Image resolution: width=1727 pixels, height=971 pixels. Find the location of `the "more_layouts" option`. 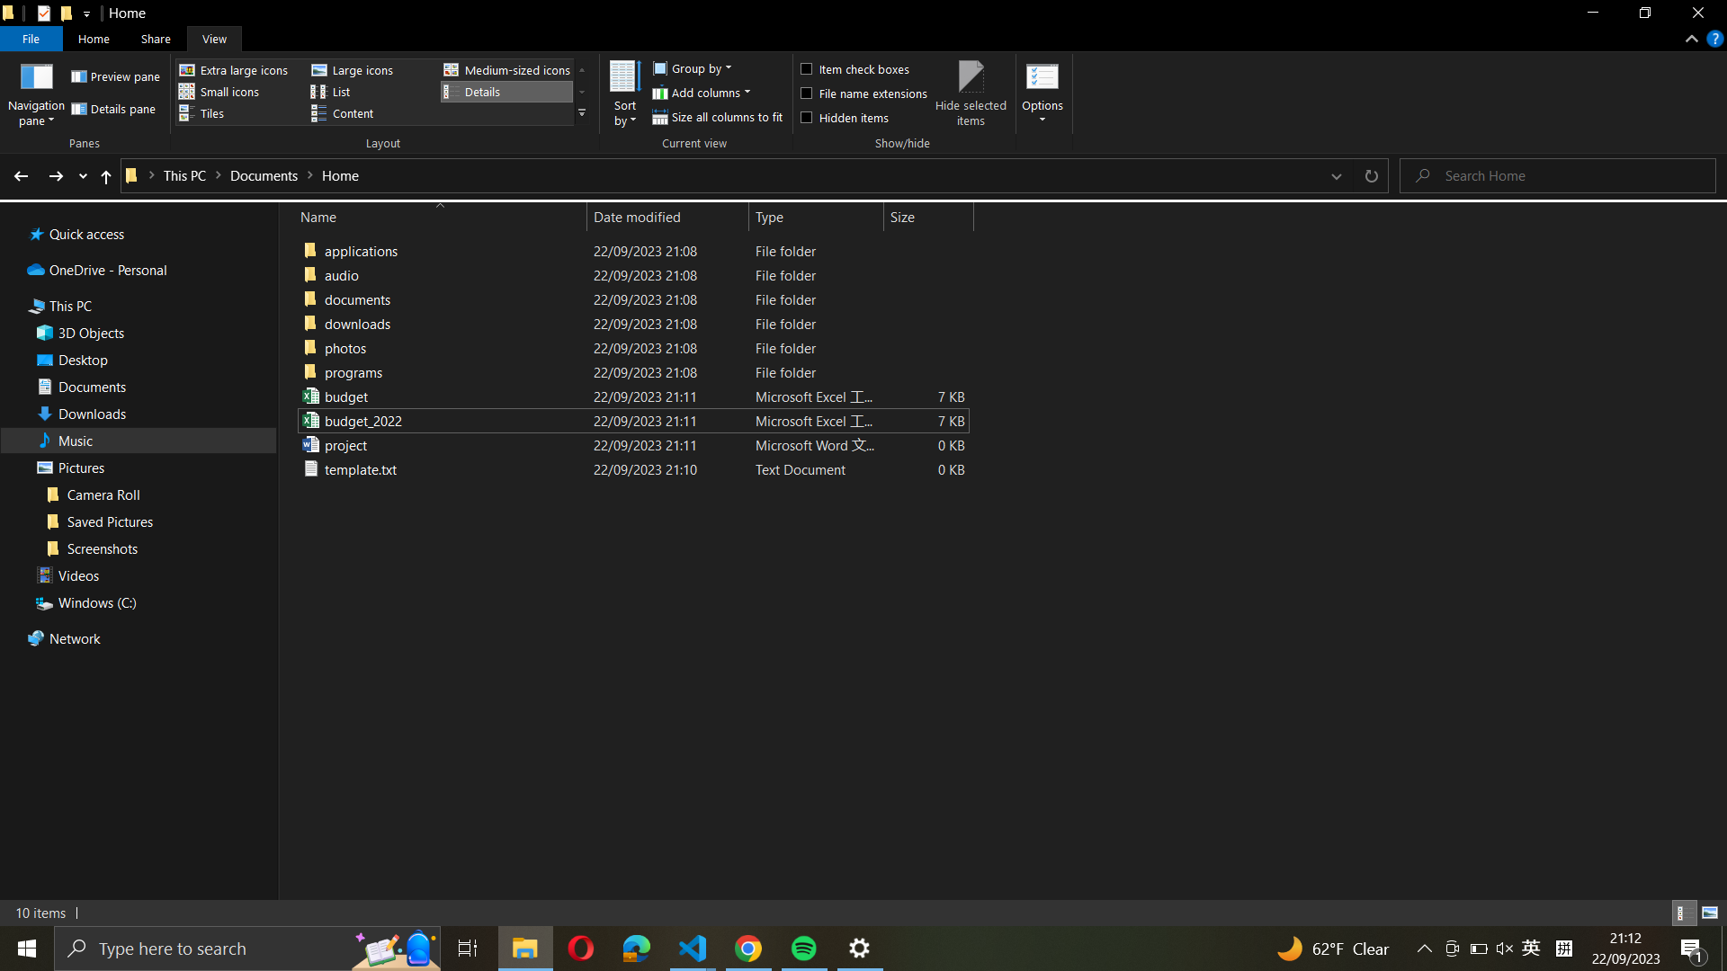

the "more_layouts" option is located at coordinates (583, 112).